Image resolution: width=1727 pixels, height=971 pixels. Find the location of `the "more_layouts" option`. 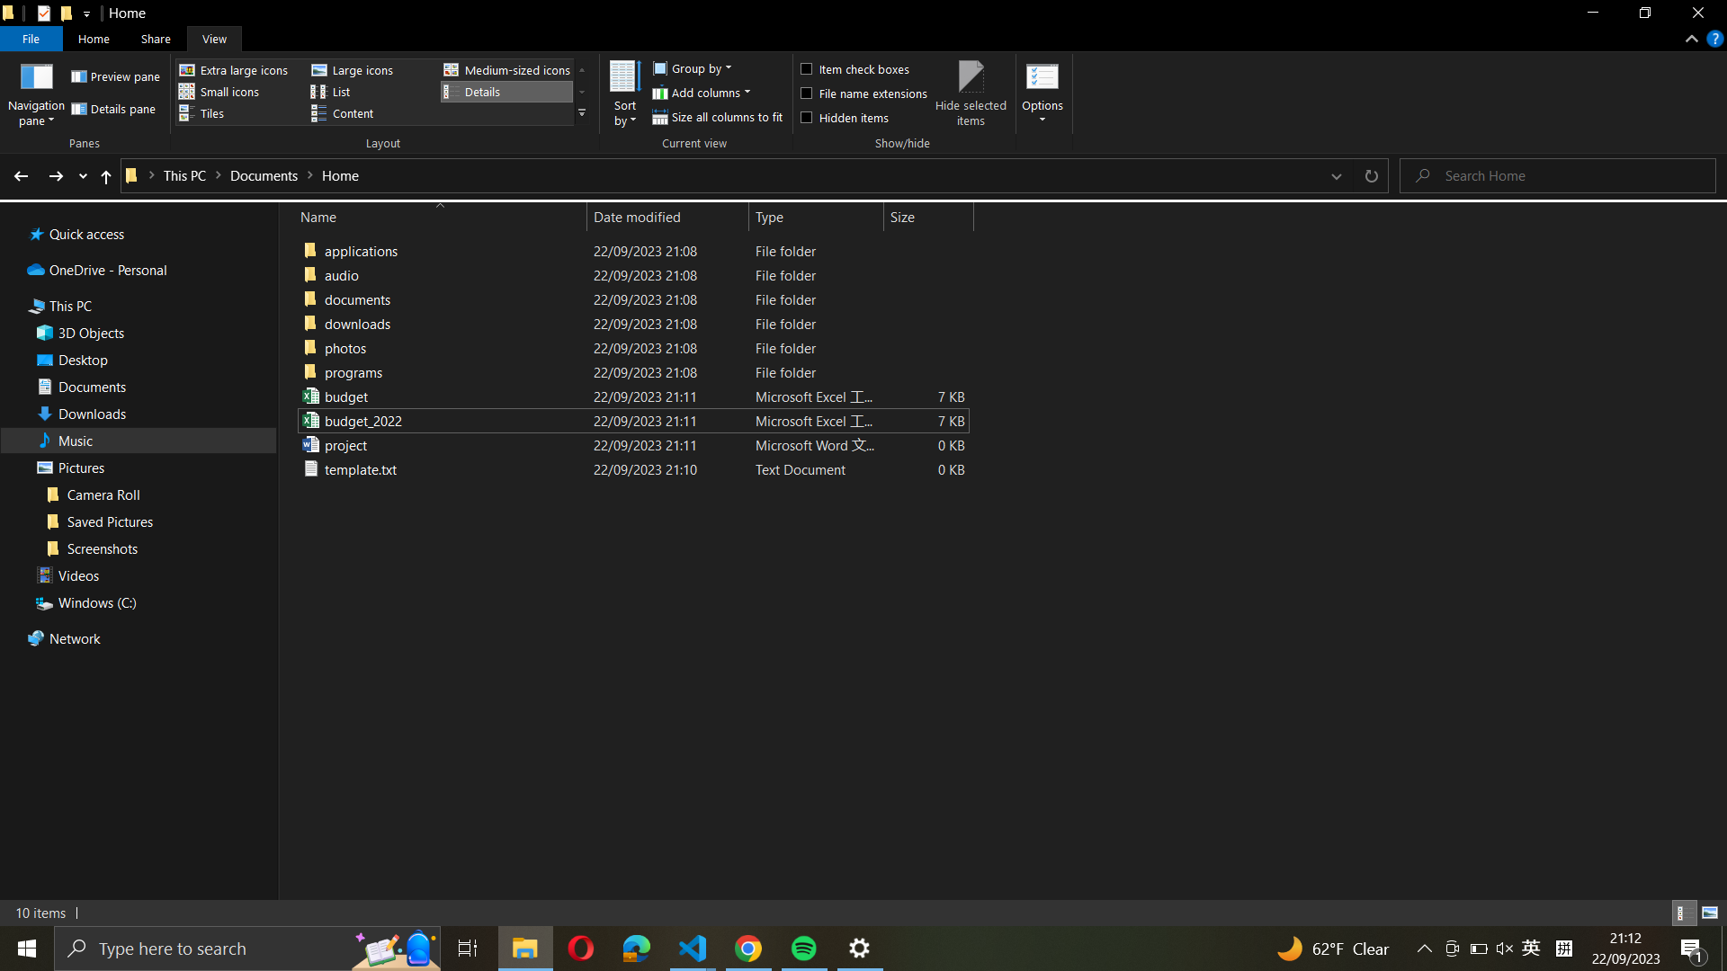

the "more_layouts" option is located at coordinates (583, 112).